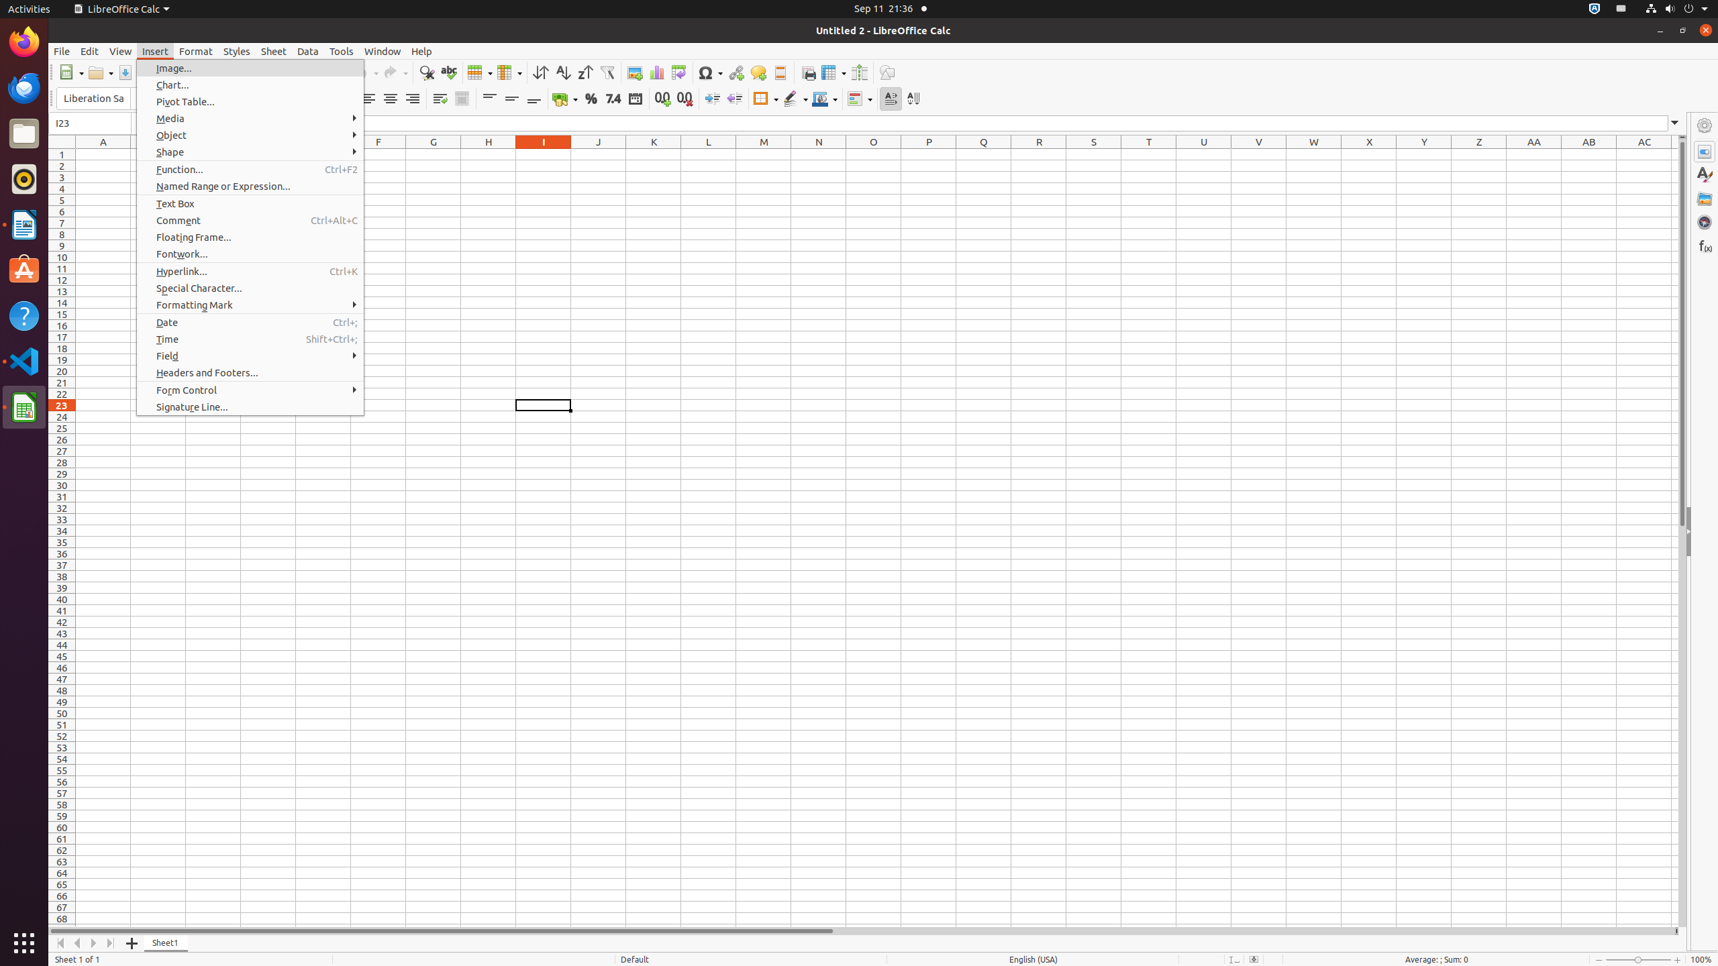 The height and width of the screenshot is (966, 1718). What do you see at coordinates (818, 154) in the screenshot?
I see `'N1'` at bounding box center [818, 154].